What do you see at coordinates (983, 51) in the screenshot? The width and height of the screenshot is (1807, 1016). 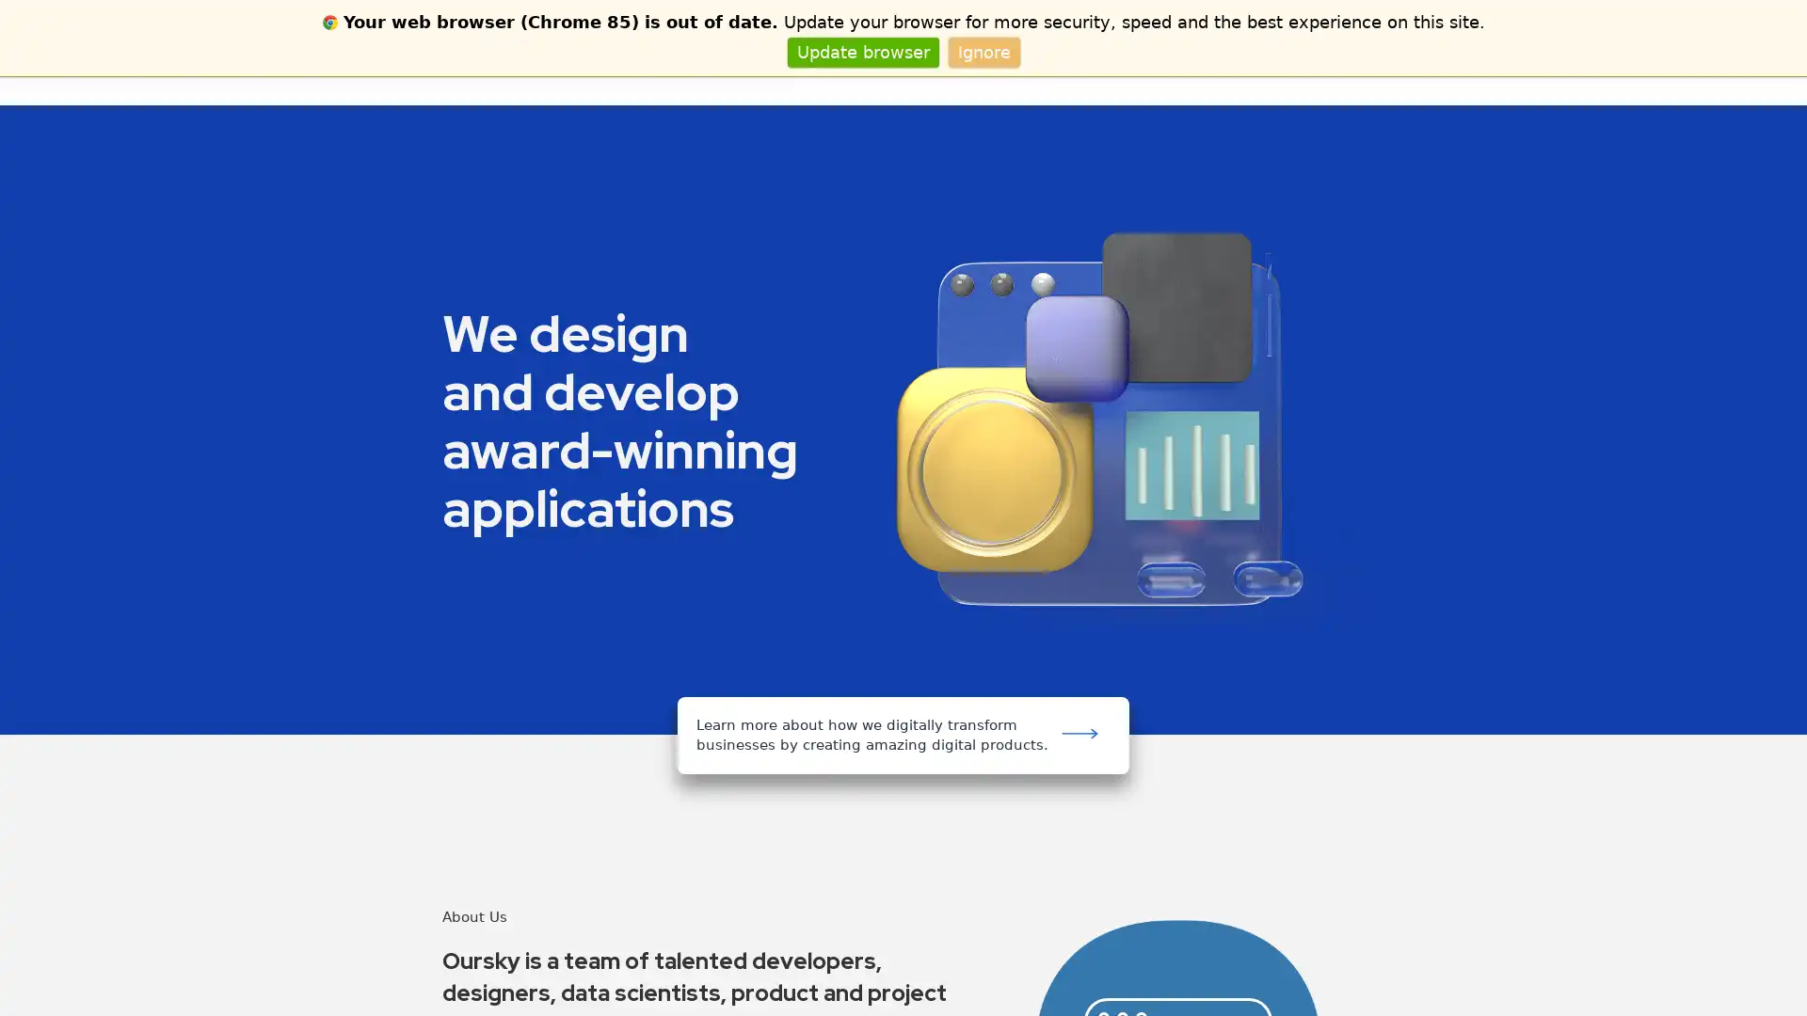 I see `Ignore` at bounding box center [983, 51].